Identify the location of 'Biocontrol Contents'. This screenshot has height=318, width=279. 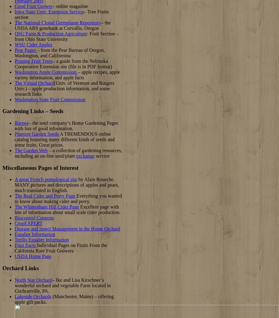
(34, 218).